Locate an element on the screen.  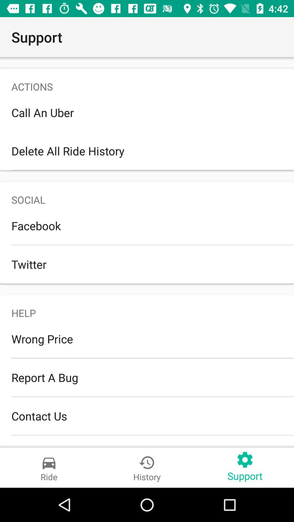
icon above the delete all ride item is located at coordinates (147, 112).